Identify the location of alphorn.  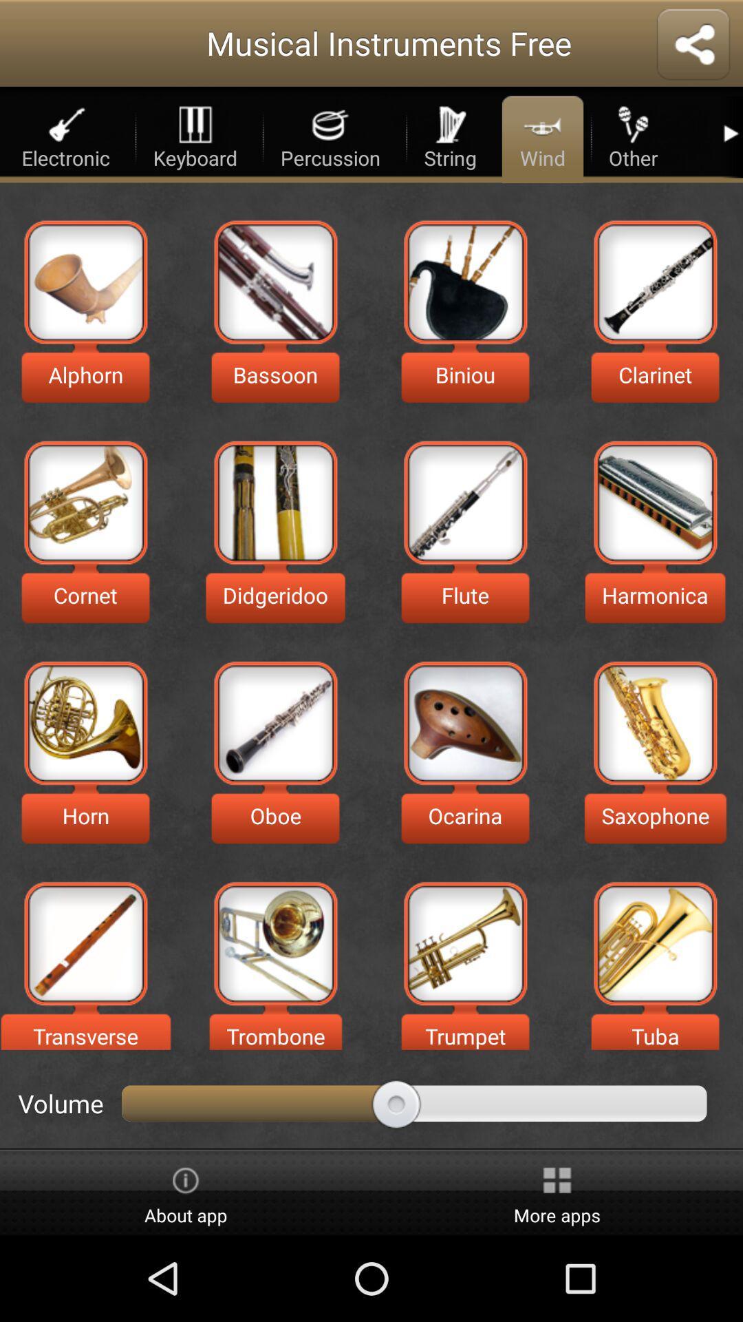
(85, 281).